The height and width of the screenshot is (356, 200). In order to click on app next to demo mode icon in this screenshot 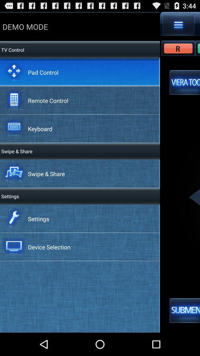, I will do `click(178, 25)`.